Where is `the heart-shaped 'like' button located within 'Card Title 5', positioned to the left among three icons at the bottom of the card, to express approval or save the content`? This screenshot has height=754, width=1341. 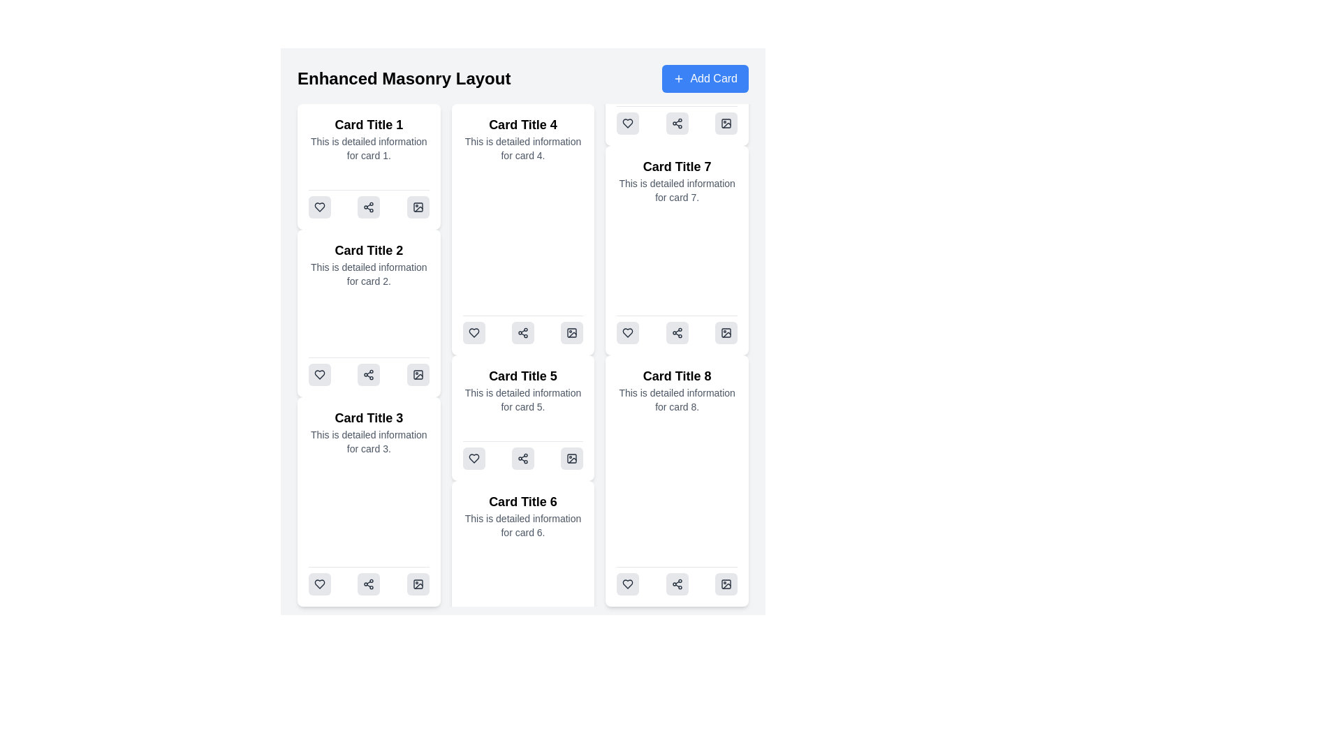
the heart-shaped 'like' button located within 'Card Title 5', positioned to the left among three icons at the bottom of the card, to express approval or save the content is located at coordinates (627, 333).